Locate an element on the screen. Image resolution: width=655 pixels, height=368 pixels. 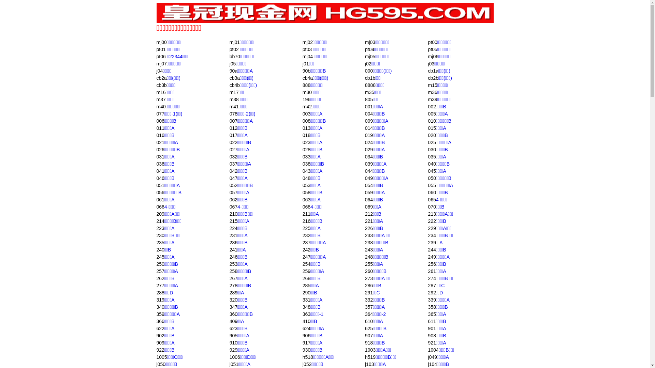
'm42' is located at coordinates (307, 106).